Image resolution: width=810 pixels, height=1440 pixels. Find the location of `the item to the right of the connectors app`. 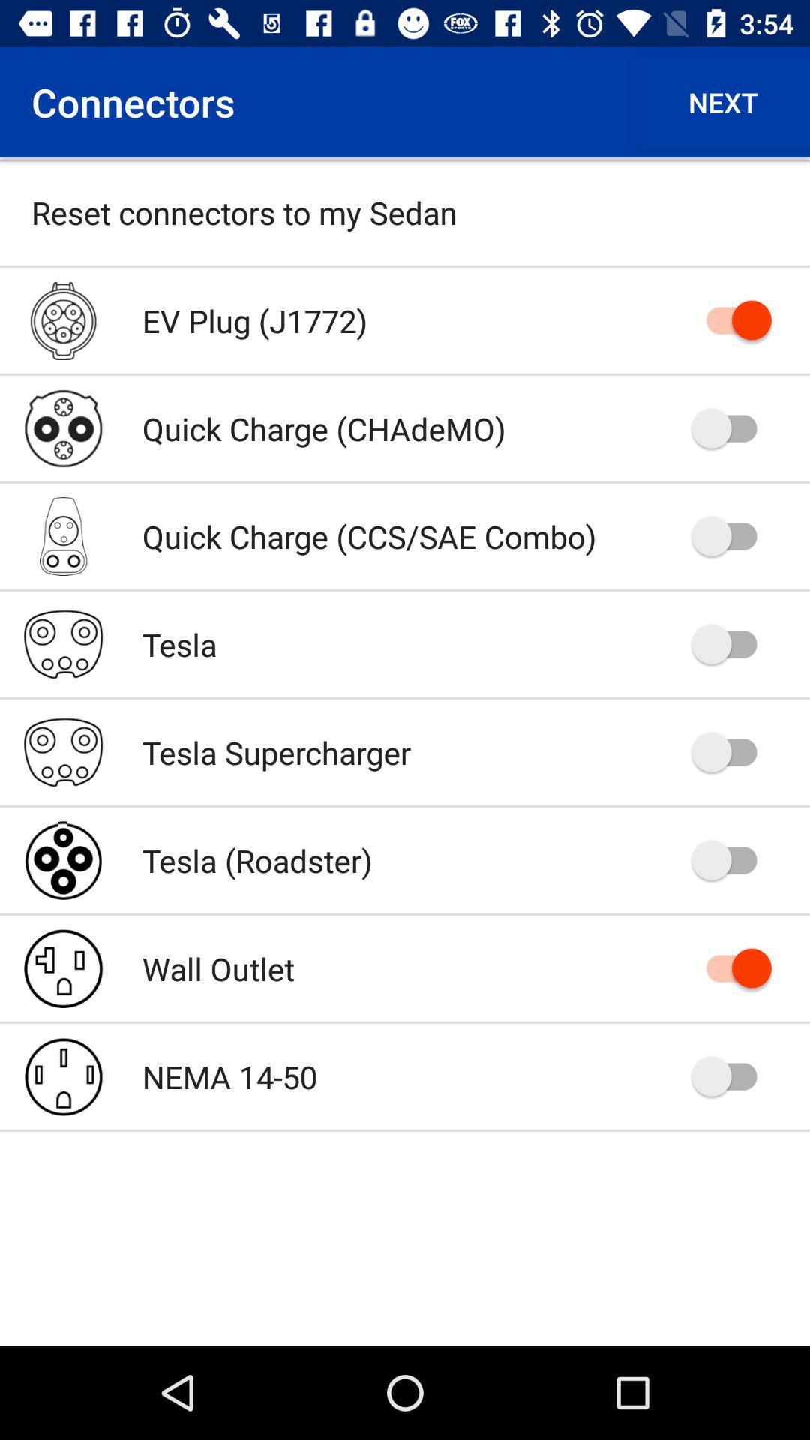

the item to the right of the connectors app is located at coordinates (722, 101).